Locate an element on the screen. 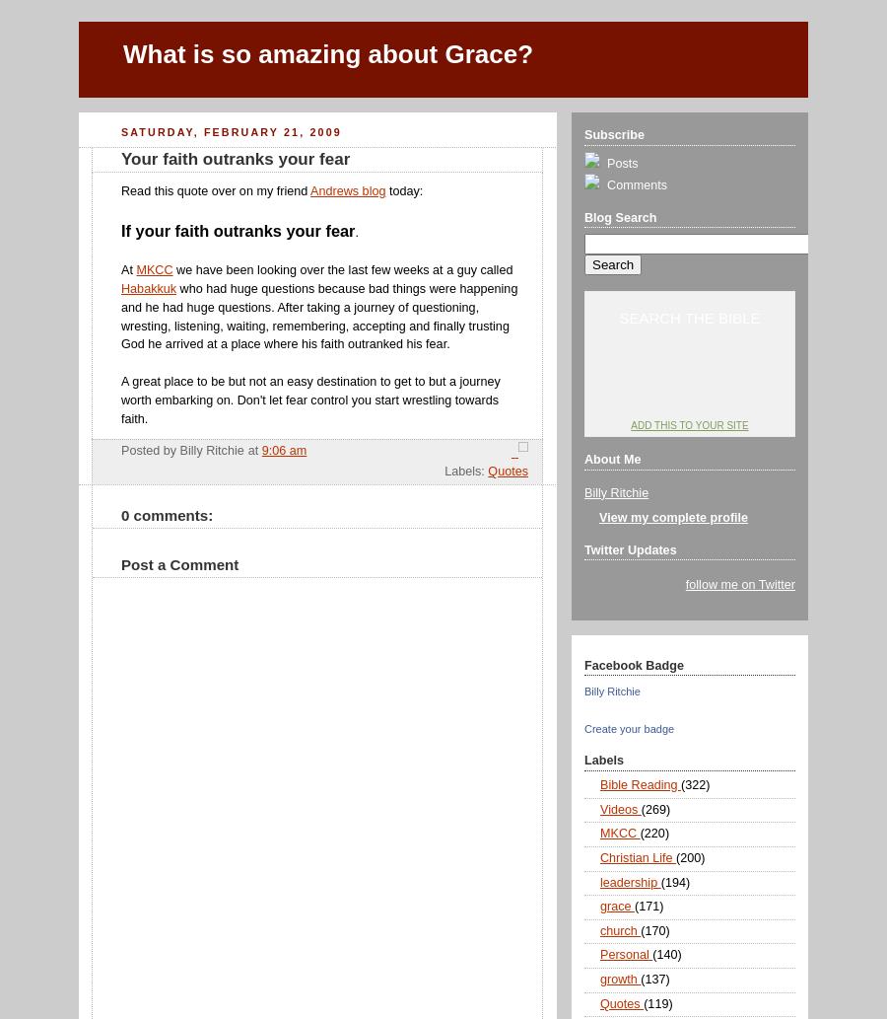 The height and width of the screenshot is (1019, 887). 'If your faith outranks your fear' is located at coordinates (237, 229).